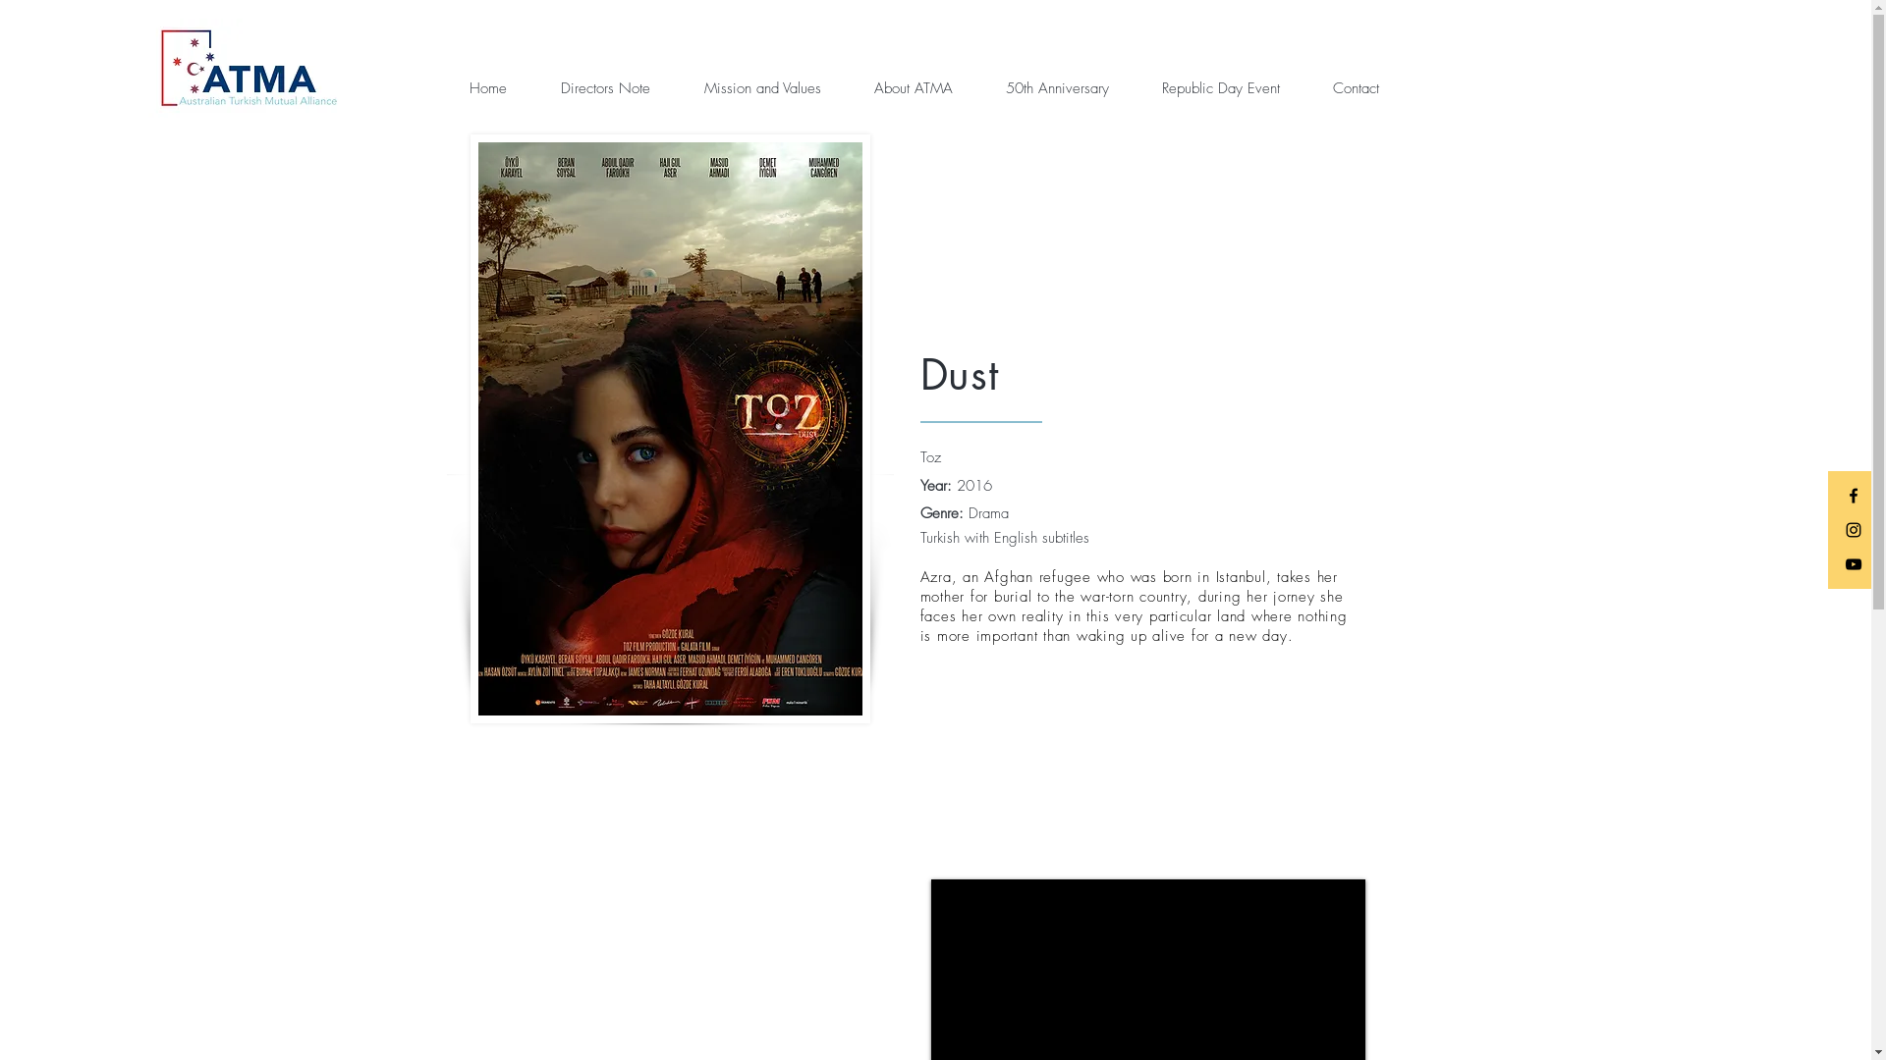 Image resolution: width=1886 pixels, height=1060 pixels. Describe the element at coordinates (499, 86) in the screenshot. I see `'Home'` at that location.